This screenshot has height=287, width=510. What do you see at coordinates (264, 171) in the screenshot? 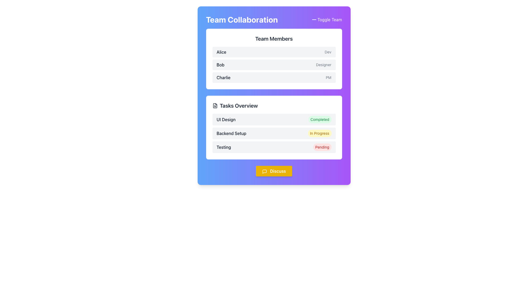
I see `the communication-related icon within the 'Discuss' button, which is styled with rounded edges and white text, located beneath the 'Tasks Overview' section` at bounding box center [264, 171].